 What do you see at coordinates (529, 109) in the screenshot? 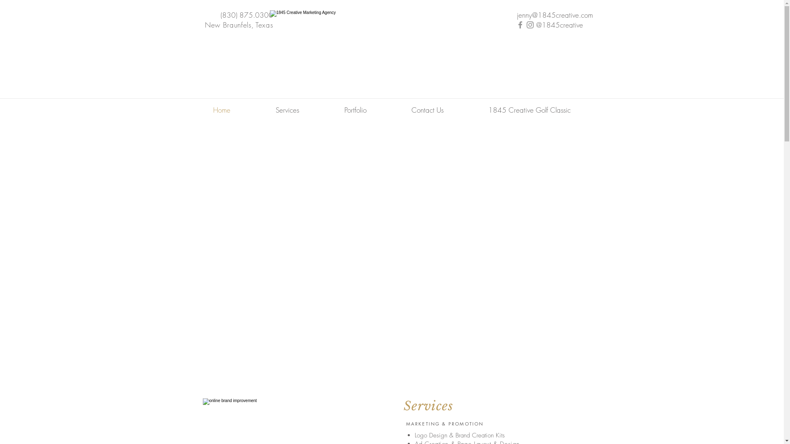
I see `'1845 Creative Golf Classic'` at bounding box center [529, 109].